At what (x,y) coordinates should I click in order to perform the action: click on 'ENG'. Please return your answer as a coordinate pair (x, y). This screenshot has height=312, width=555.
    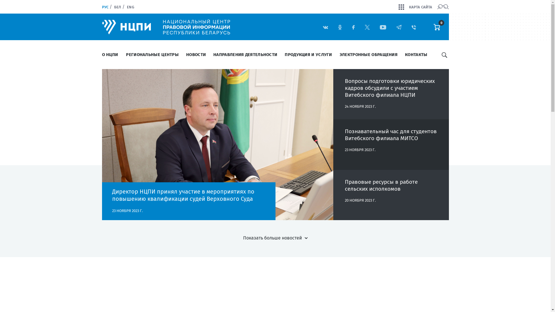
    Looking at the image, I should click on (126, 7).